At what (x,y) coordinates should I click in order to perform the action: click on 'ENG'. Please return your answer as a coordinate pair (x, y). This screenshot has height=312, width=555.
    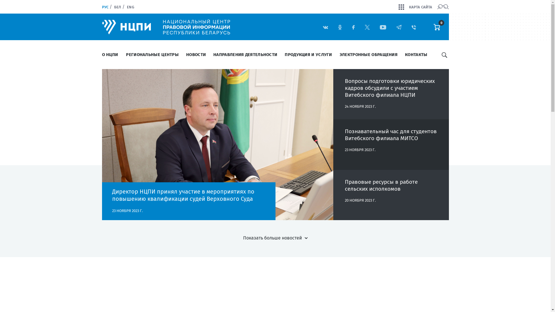
    Looking at the image, I should click on (126, 7).